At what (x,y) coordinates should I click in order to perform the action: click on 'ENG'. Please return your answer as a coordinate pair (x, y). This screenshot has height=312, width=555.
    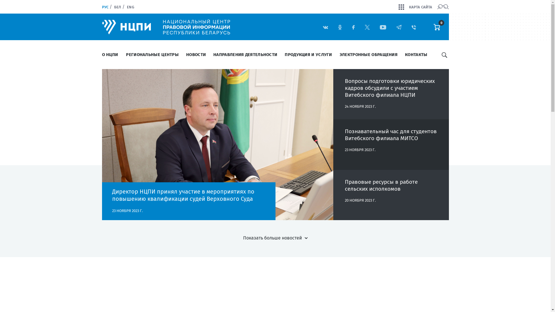
    Looking at the image, I should click on (126, 7).